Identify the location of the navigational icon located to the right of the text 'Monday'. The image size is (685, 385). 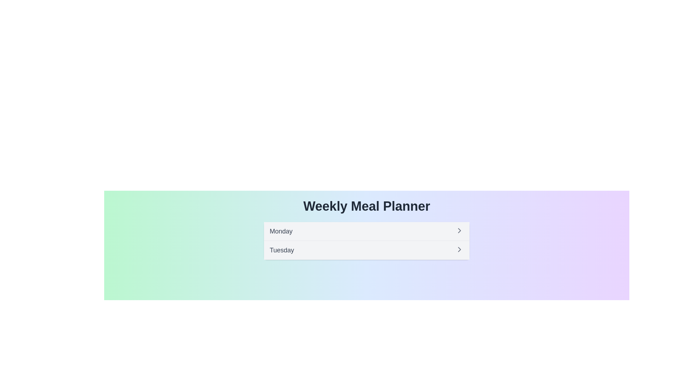
(459, 231).